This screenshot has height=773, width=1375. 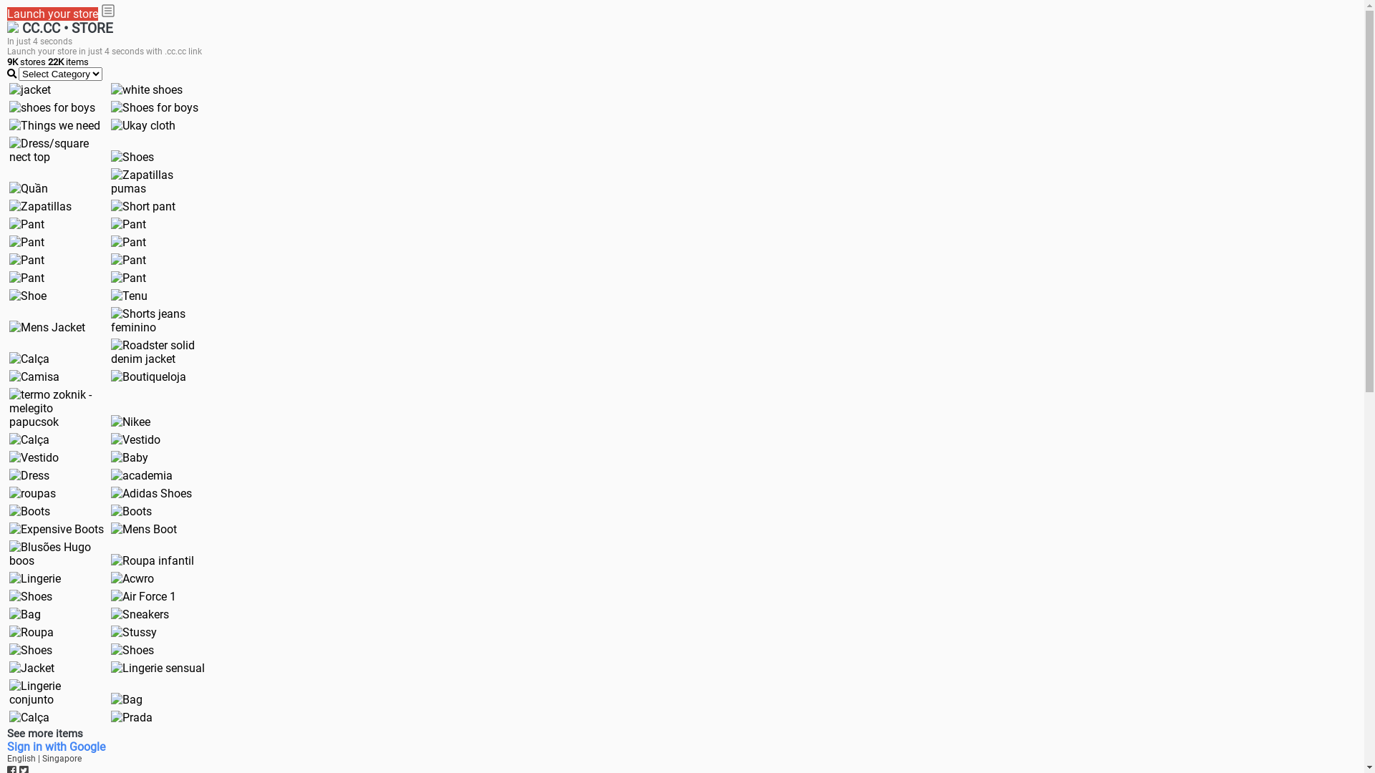 What do you see at coordinates (110, 125) in the screenshot?
I see `'Ukay cloth'` at bounding box center [110, 125].